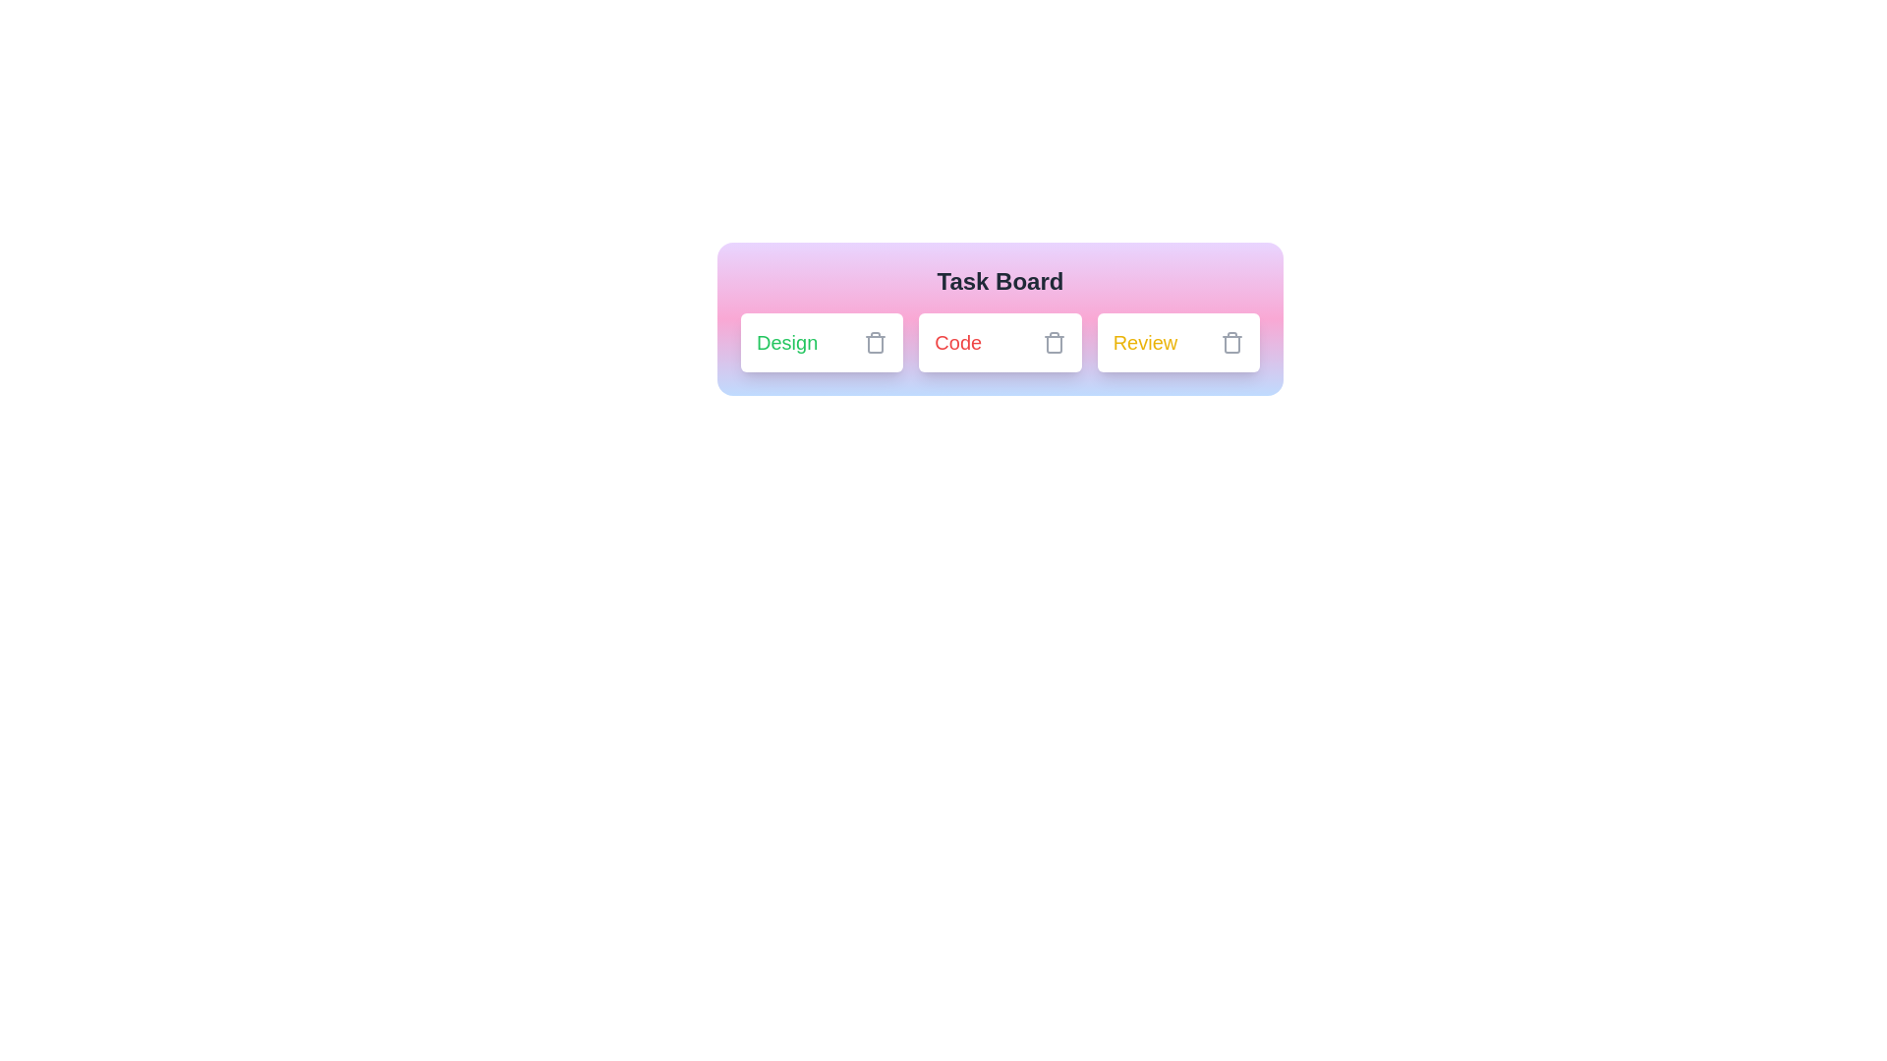 The image size is (1887, 1061). What do you see at coordinates (1053, 341) in the screenshot?
I see `delete button next to the chip labeled Code to remove it` at bounding box center [1053, 341].